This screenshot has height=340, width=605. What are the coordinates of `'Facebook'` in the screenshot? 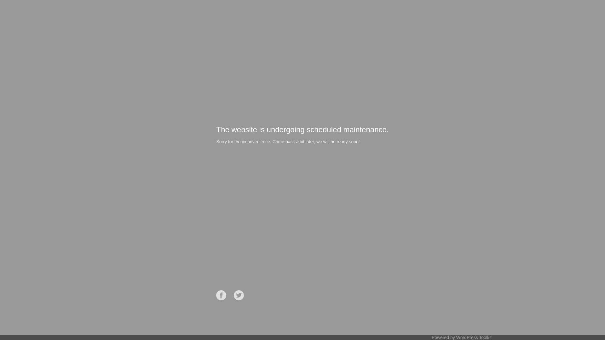 It's located at (221, 295).